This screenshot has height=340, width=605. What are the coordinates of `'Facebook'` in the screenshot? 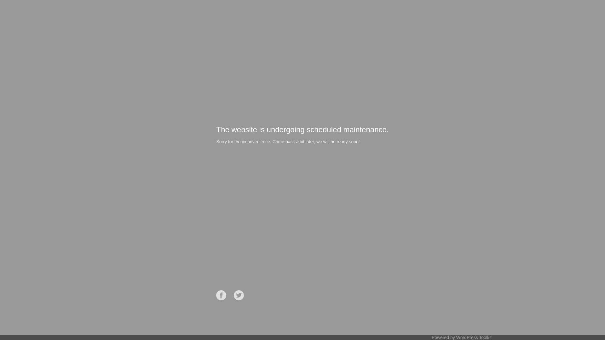 It's located at (221, 295).